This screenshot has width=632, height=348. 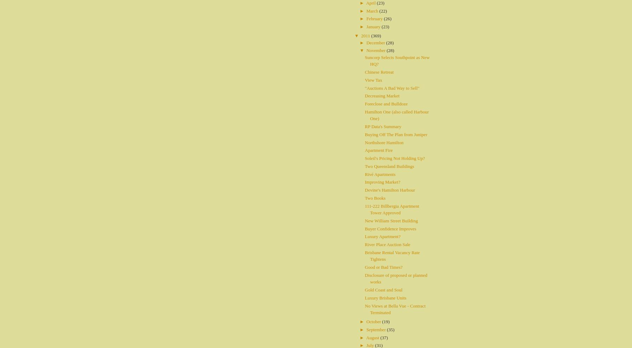 I want to click on 'Good or Bad Times?', so click(x=383, y=267).